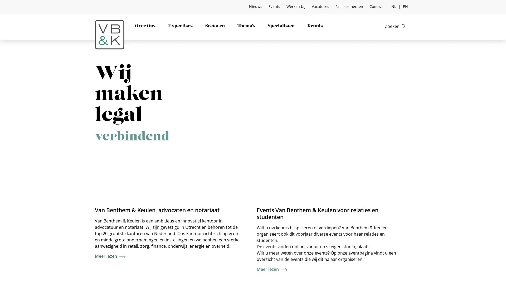 The height and width of the screenshot is (284, 506). I want to click on Sectoren. (dit navigatie-item is uitklapbaar met de hierop volgende button), so click(215, 26).